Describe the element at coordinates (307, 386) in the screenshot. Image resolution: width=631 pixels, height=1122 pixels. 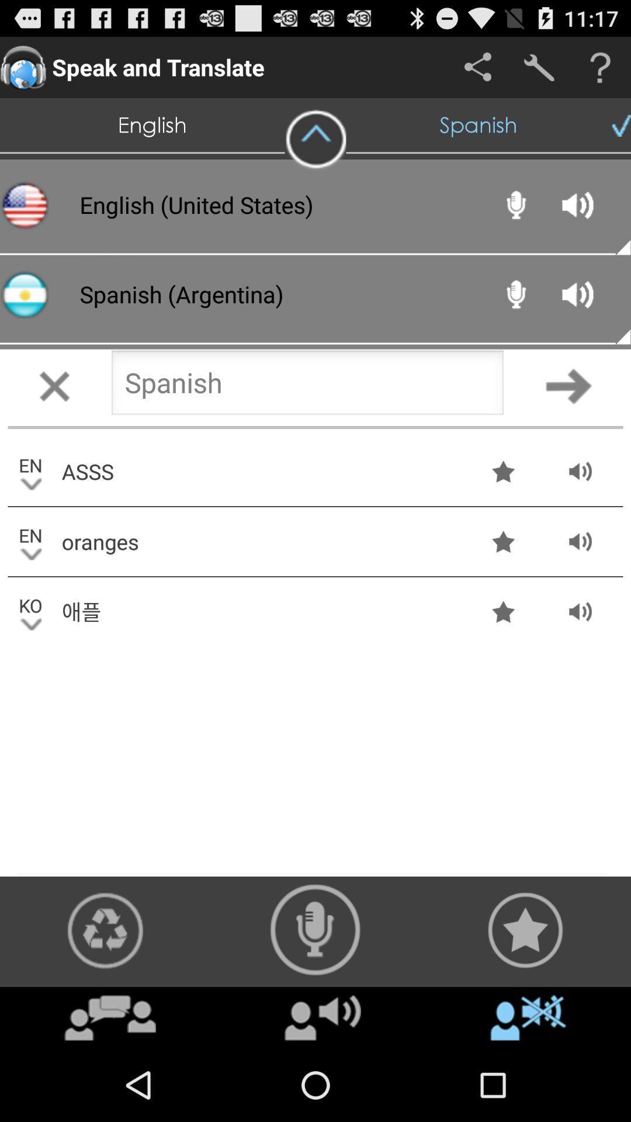
I see `translation language` at that location.